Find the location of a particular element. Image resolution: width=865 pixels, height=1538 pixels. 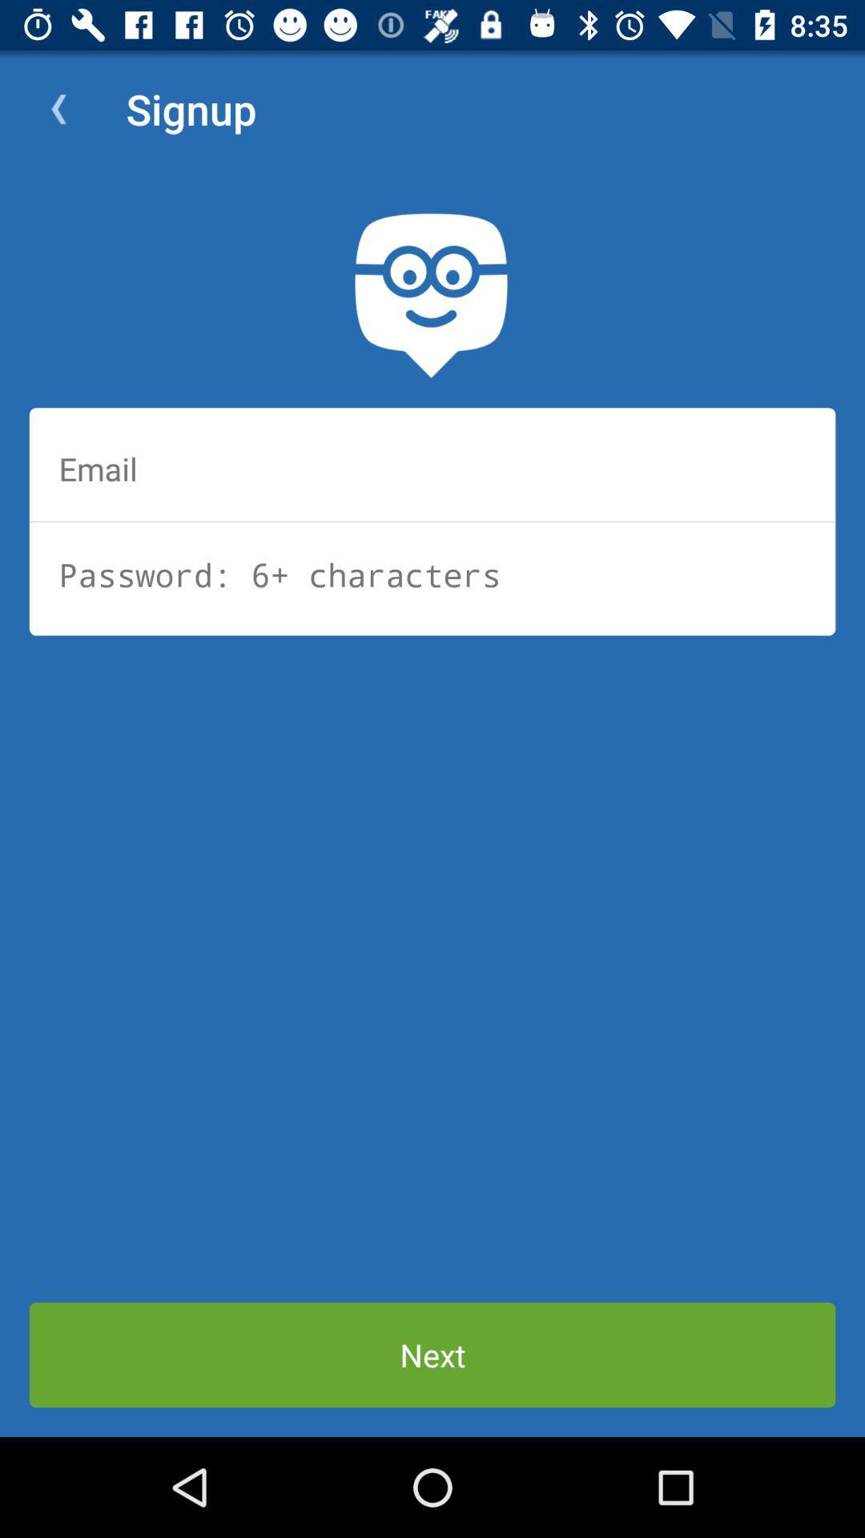

your password is located at coordinates (432, 574).